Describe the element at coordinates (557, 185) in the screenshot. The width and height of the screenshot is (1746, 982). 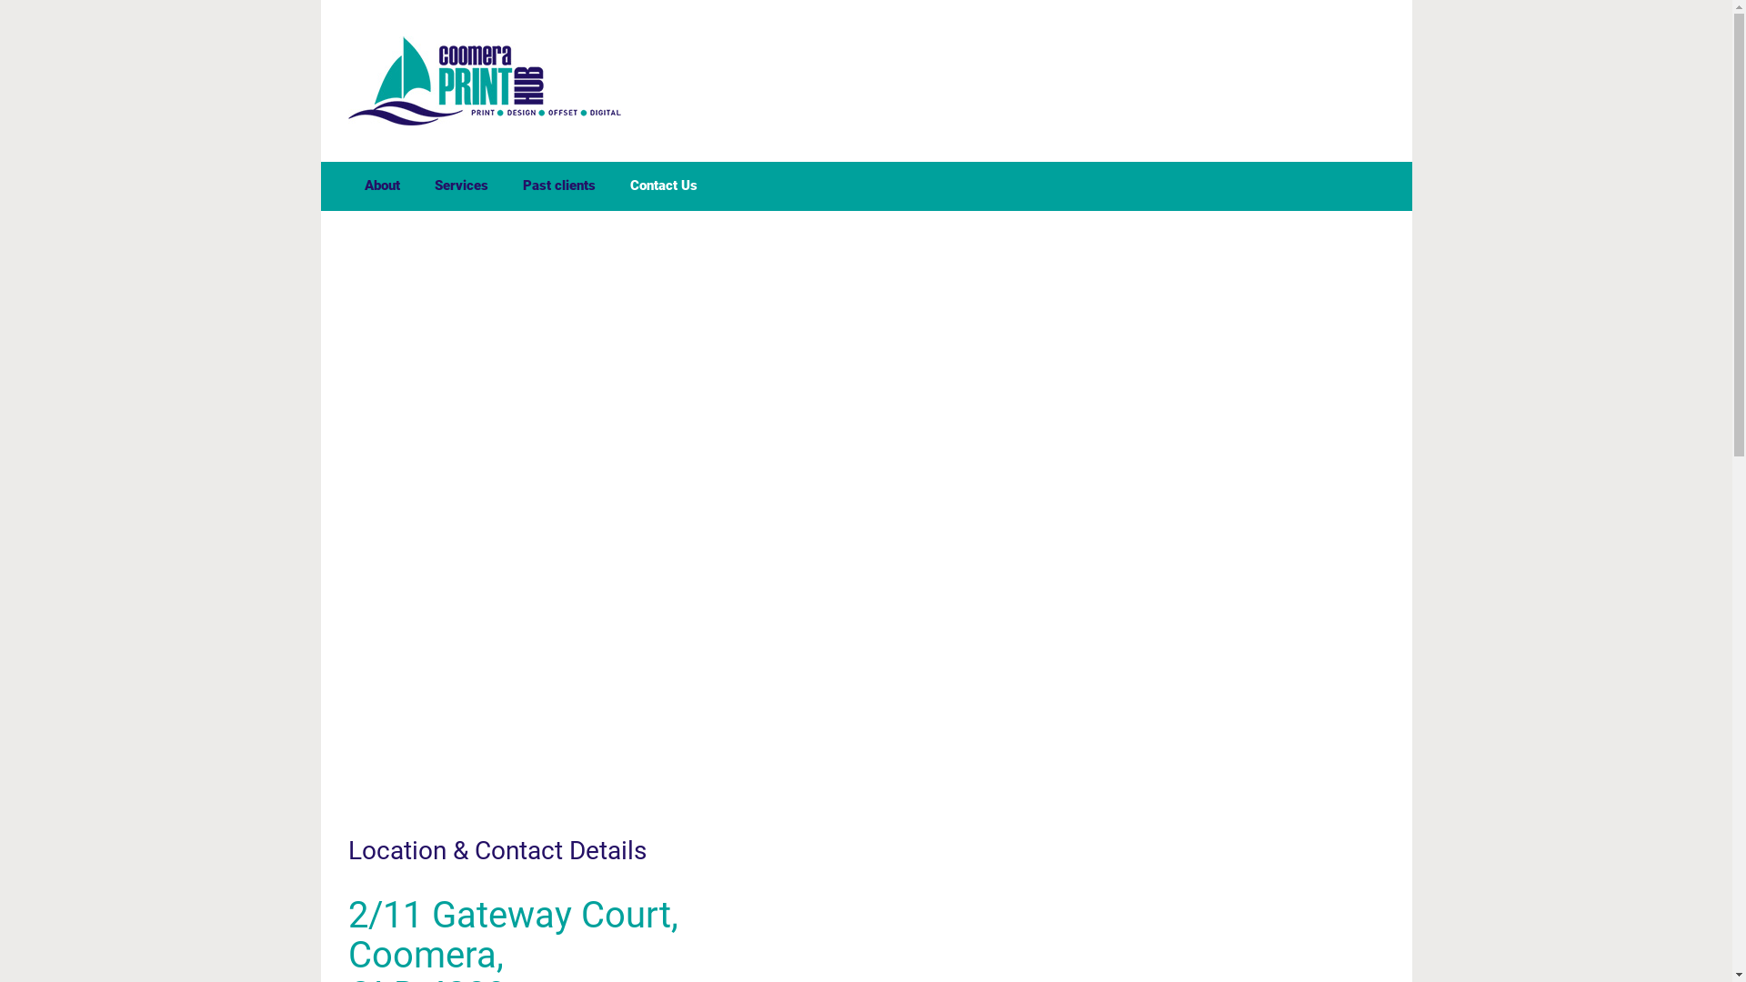
I see `'Past clients'` at that location.